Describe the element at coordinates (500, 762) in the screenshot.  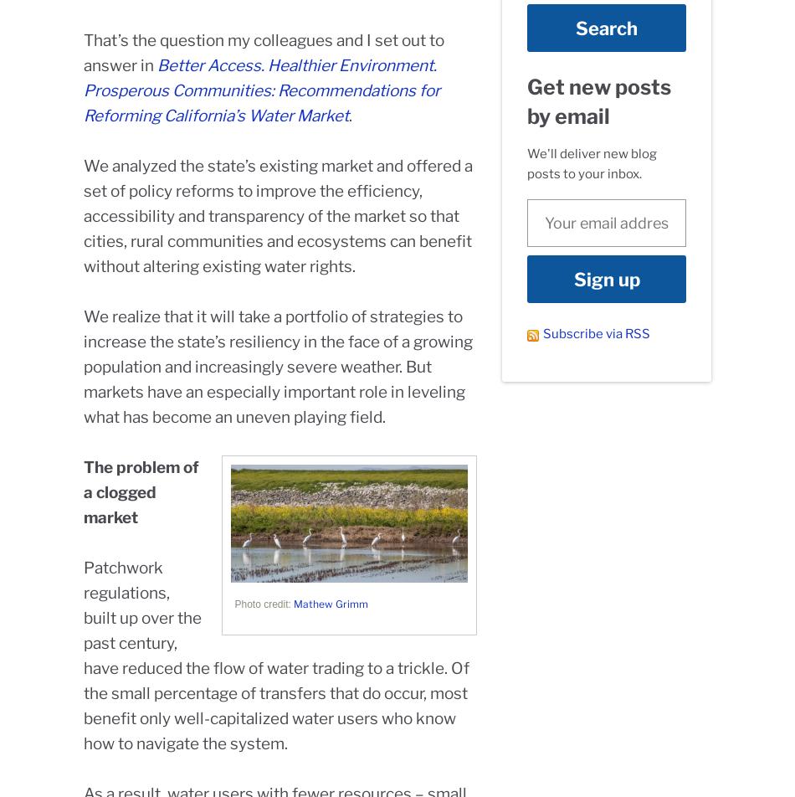
I see `'Environmental Defense Fund. All Rights Reserved.'` at that location.